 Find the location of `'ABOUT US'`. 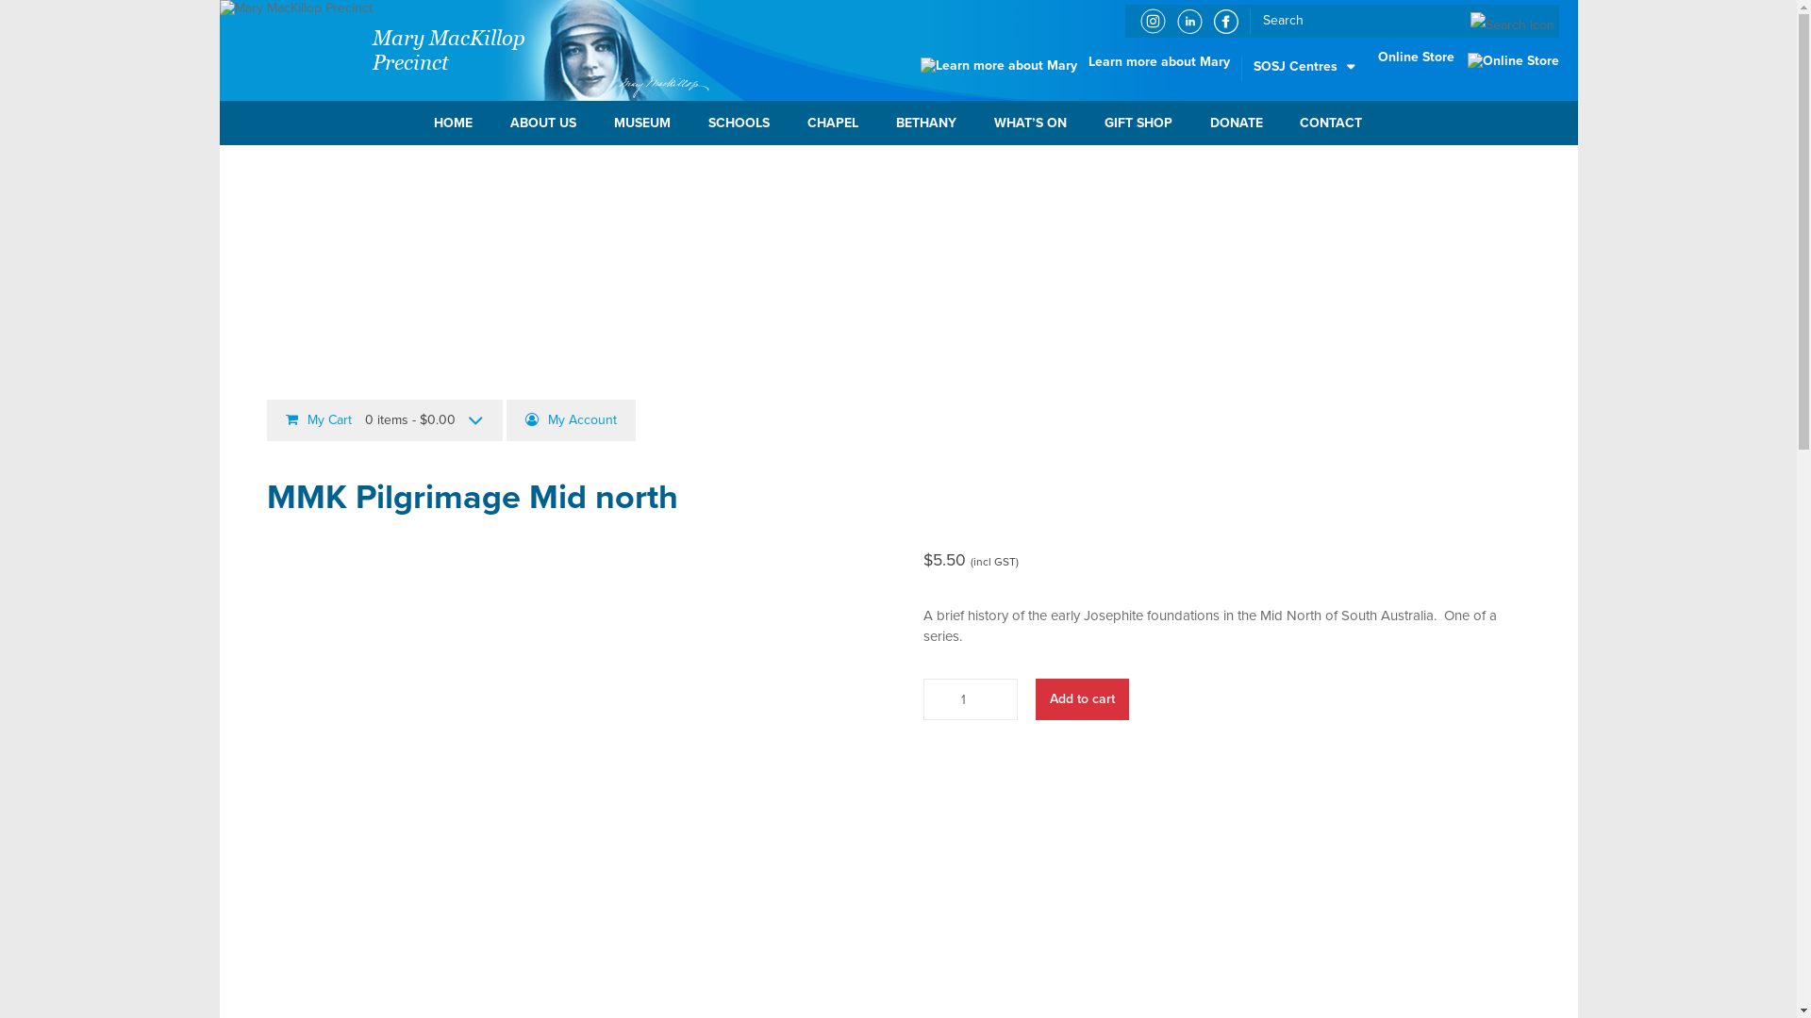

'ABOUT US' is located at coordinates (542, 123).